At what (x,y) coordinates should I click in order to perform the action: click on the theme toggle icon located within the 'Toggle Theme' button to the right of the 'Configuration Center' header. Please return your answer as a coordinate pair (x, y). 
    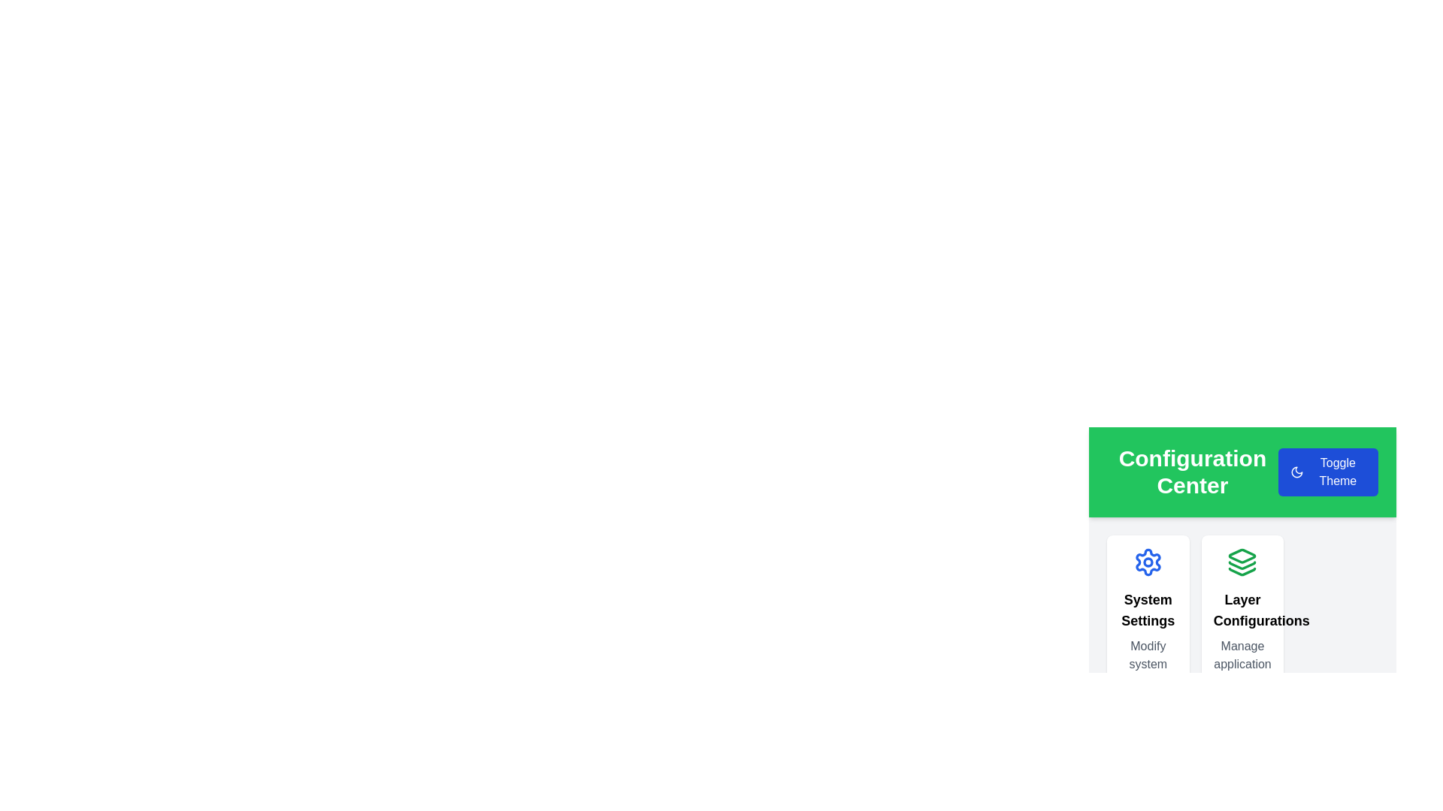
    Looking at the image, I should click on (1296, 471).